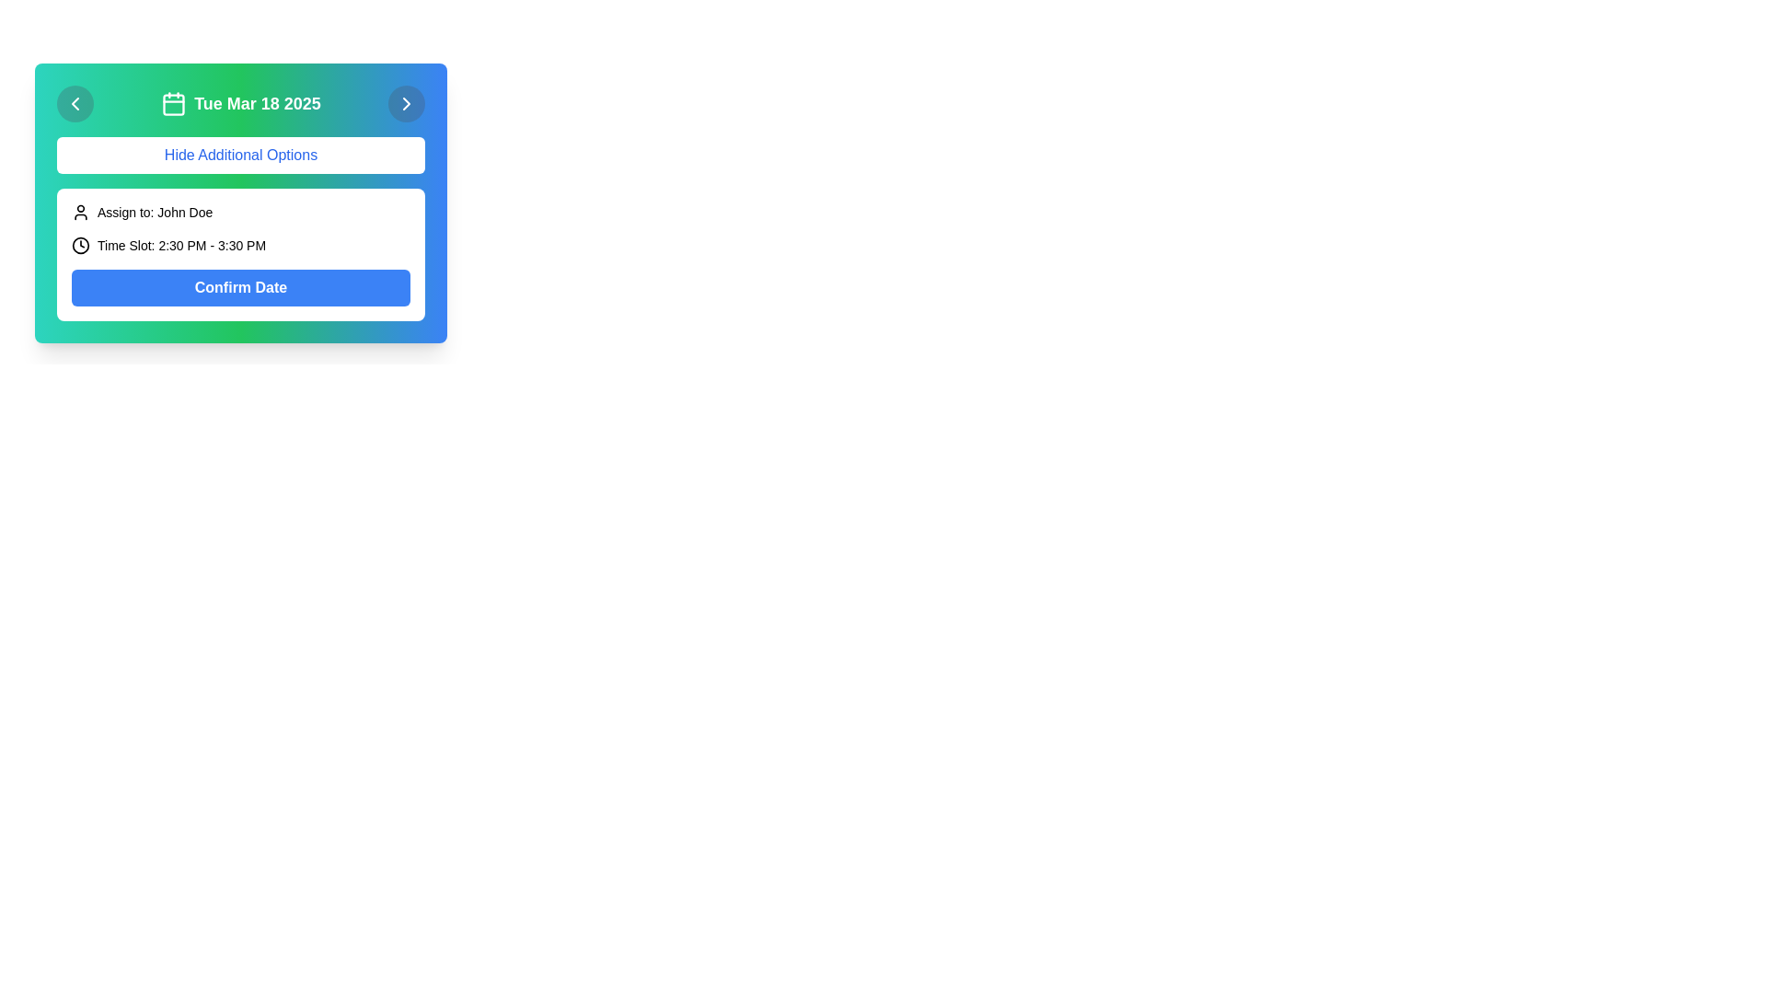 The width and height of the screenshot is (1767, 994). What do you see at coordinates (405, 103) in the screenshot?
I see `the chevron icon pointing right located at the top-right corner of the card interface` at bounding box center [405, 103].